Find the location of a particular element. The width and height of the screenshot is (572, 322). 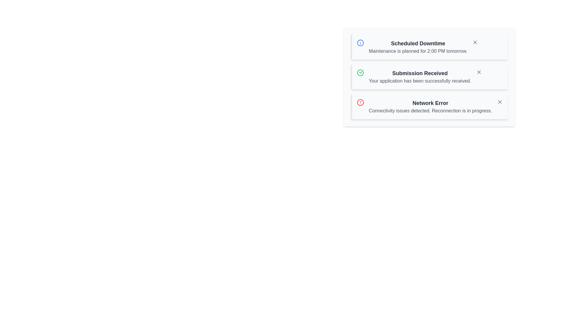

the static text that displays 'Maintenance is planned for 2:00 PM tomorrow.' located below the bold heading 'Scheduled Downtime' is located at coordinates (418, 51).